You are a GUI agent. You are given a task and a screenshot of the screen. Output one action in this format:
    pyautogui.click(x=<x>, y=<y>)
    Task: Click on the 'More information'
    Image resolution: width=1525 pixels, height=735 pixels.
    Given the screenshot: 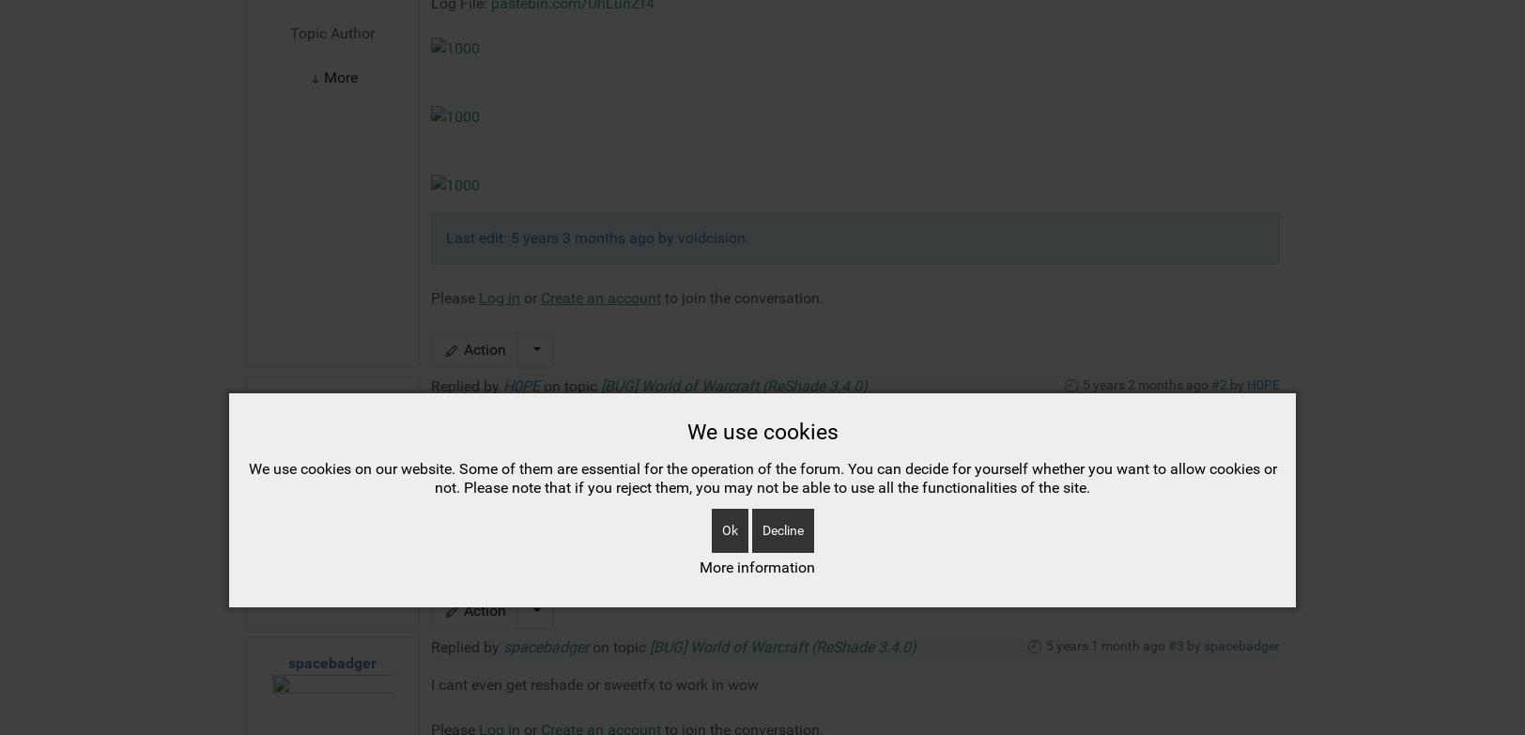 What is the action you would take?
    pyautogui.click(x=698, y=269)
    